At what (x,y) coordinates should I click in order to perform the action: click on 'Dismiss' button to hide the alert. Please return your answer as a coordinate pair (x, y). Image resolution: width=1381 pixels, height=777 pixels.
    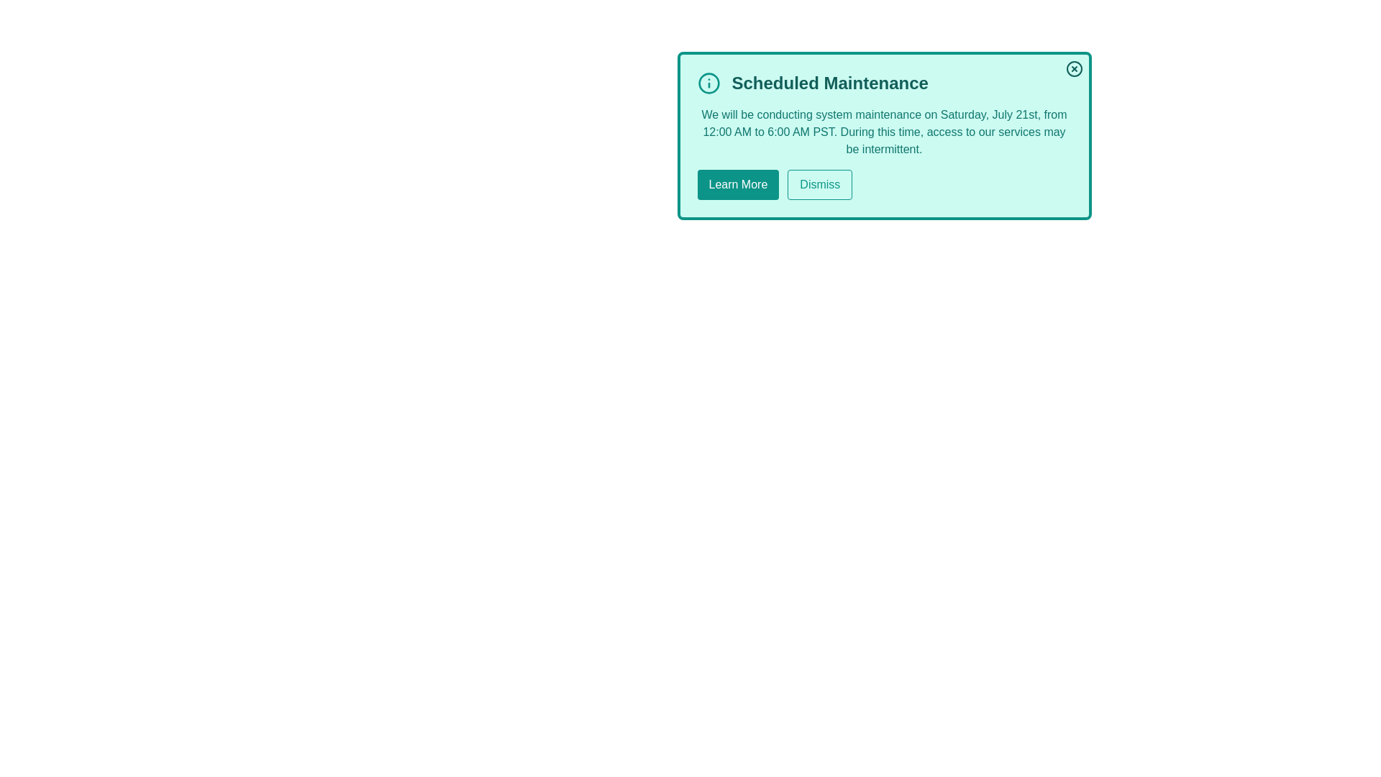
    Looking at the image, I should click on (820, 184).